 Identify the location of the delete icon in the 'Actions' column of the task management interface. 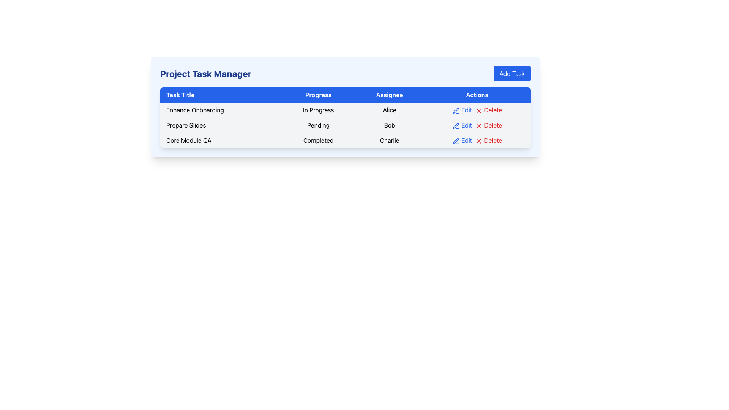
(478, 110).